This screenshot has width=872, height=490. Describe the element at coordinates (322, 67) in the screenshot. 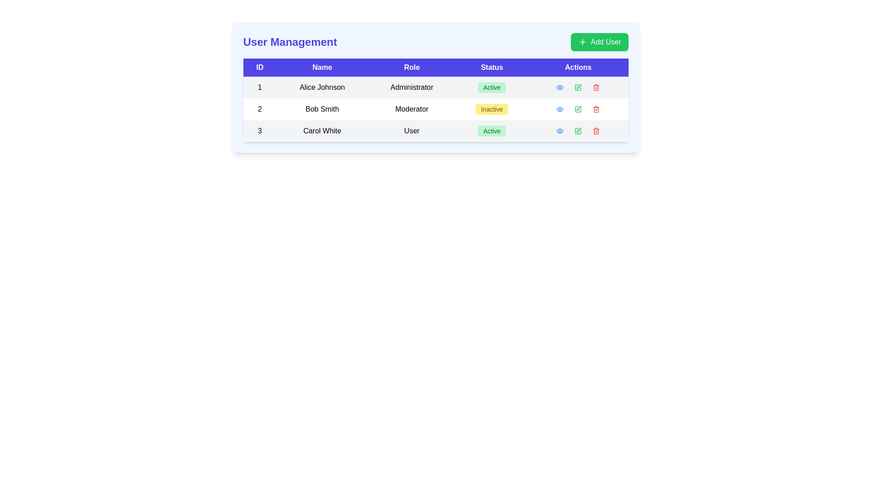

I see `the 'Name' column header in the table, which is positioned between the 'ID' and 'Role' headers` at that location.